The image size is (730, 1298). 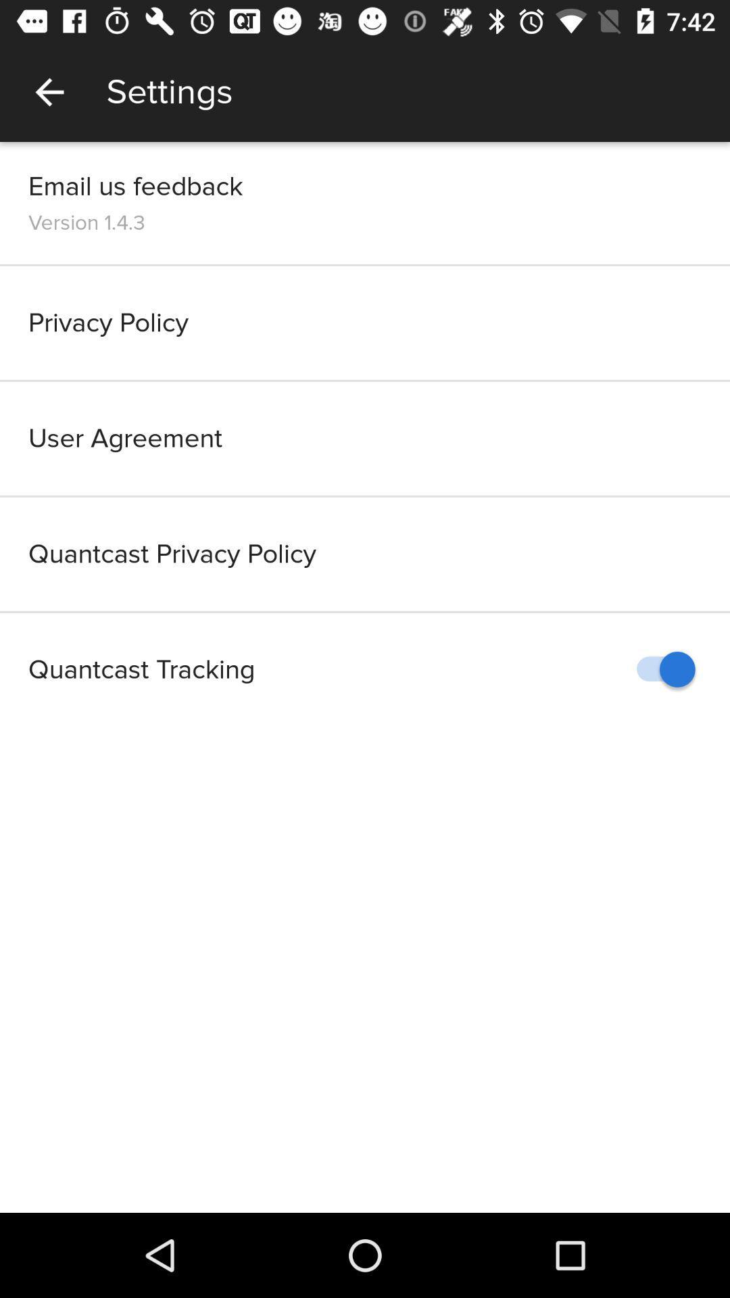 I want to click on the app next to settings app, so click(x=49, y=91).